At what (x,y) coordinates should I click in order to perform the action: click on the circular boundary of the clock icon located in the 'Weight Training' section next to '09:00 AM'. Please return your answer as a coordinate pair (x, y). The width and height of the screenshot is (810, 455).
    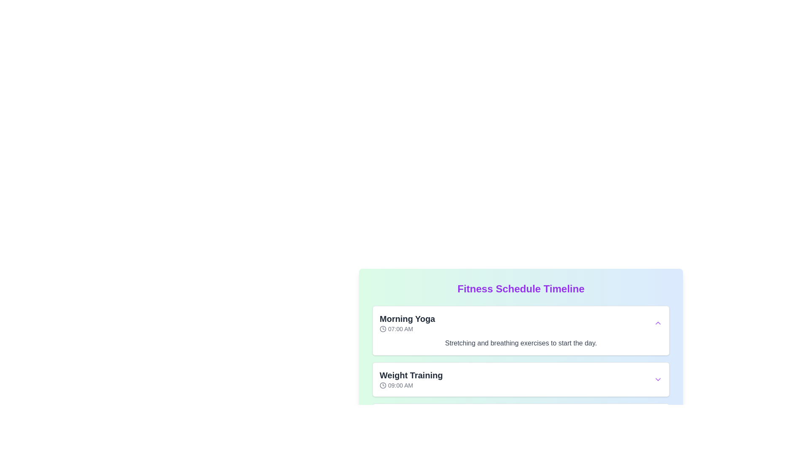
    Looking at the image, I should click on (382, 385).